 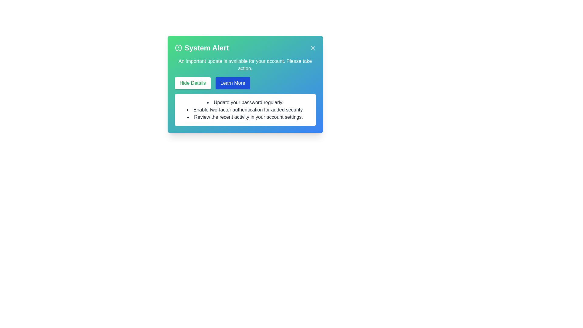 I want to click on the bulleted list item that reads, 'Enable two-factor authentication for added security.', so click(x=245, y=110).